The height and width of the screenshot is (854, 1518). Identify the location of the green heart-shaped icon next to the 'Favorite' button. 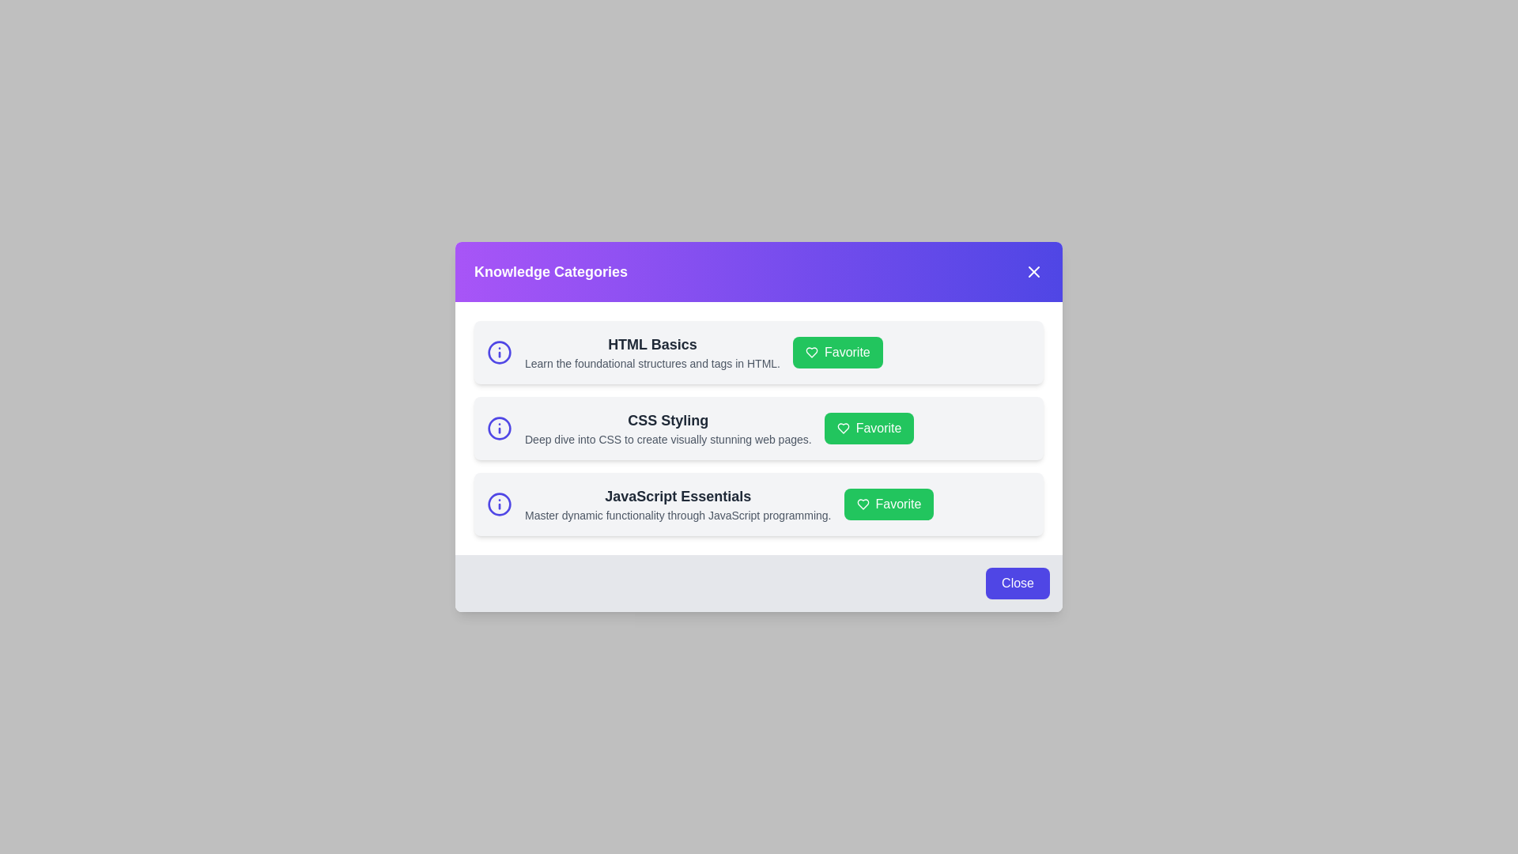
(812, 352).